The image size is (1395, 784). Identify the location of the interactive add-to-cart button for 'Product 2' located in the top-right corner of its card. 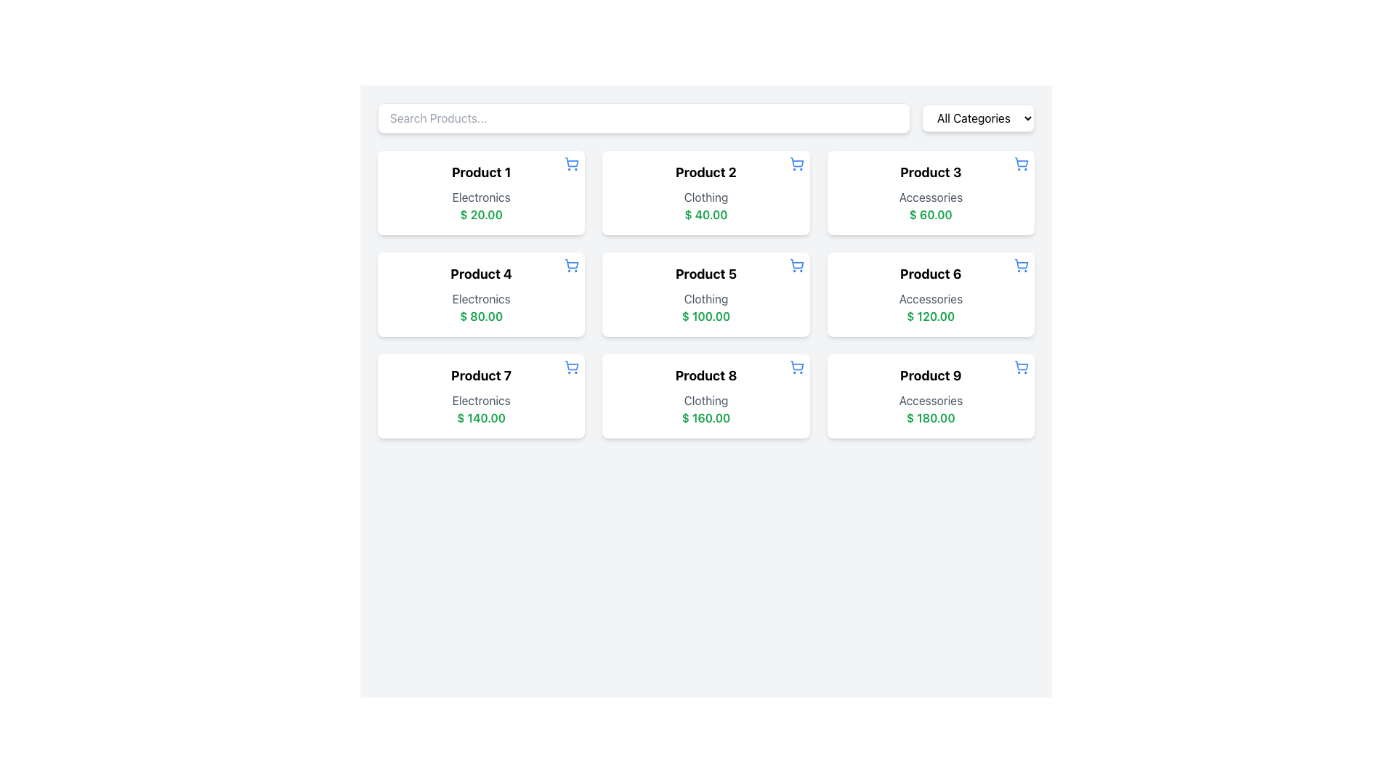
(796, 163).